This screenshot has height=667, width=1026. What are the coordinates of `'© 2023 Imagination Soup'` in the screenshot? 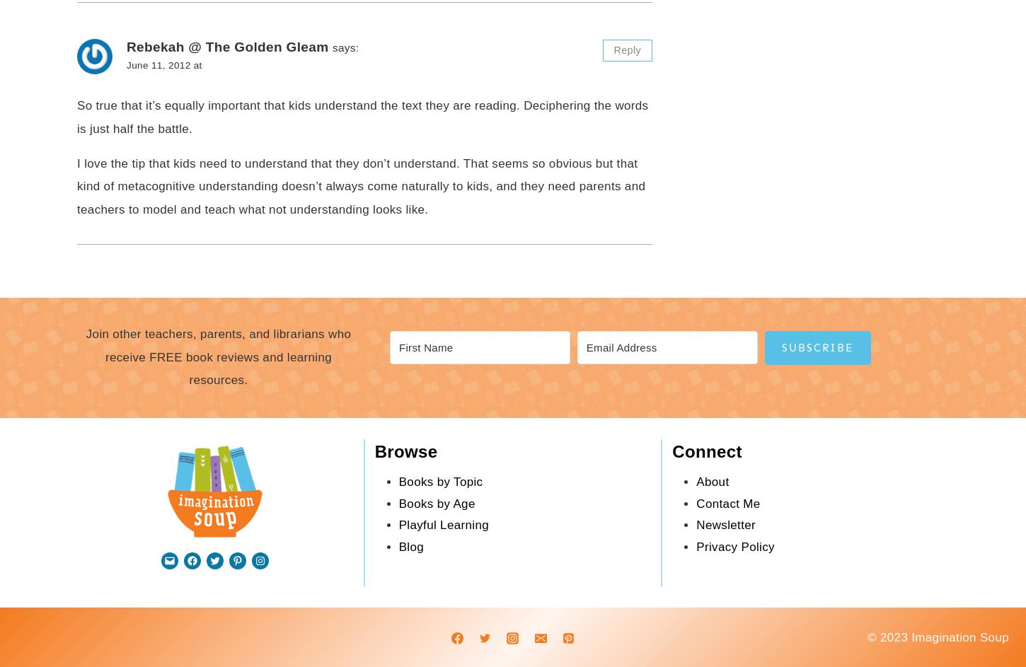 It's located at (938, 636).